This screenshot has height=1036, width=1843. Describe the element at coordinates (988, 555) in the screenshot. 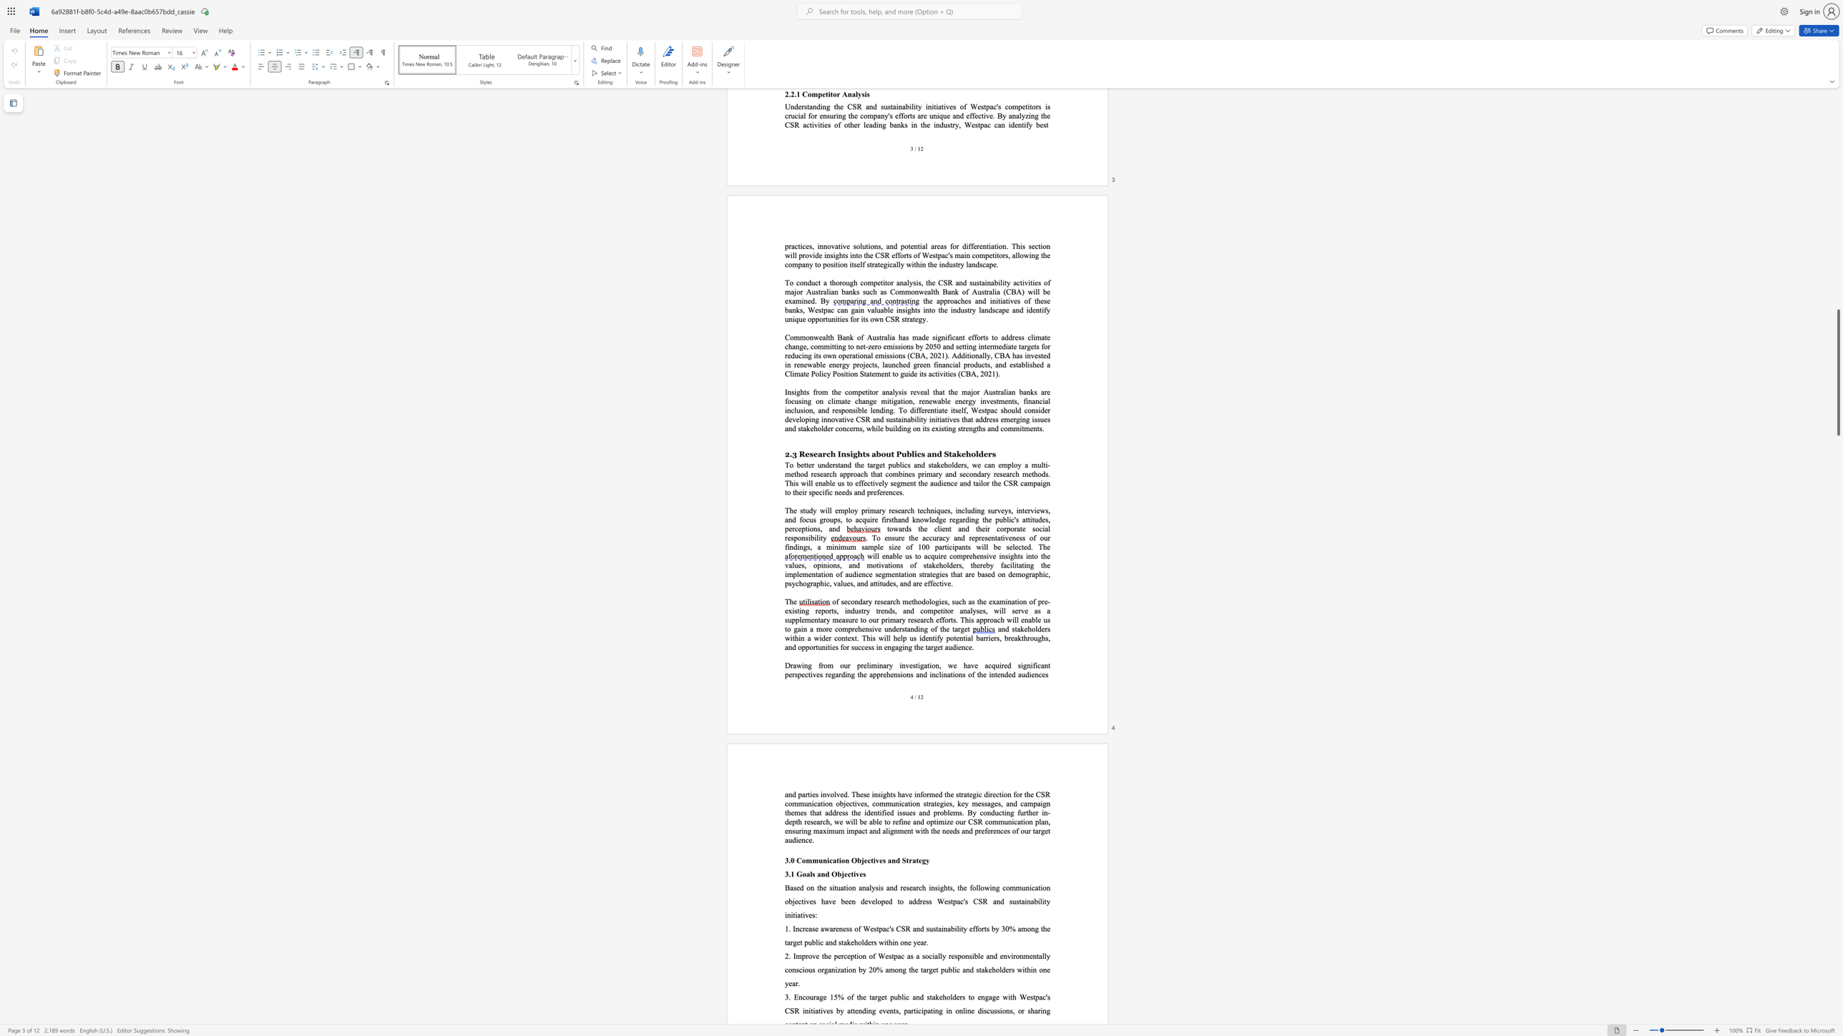

I see `the subset text "ve insight" within the text "comprehensive insights into the values, opinions, and motivations of stakeholders, thereby"` at that location.